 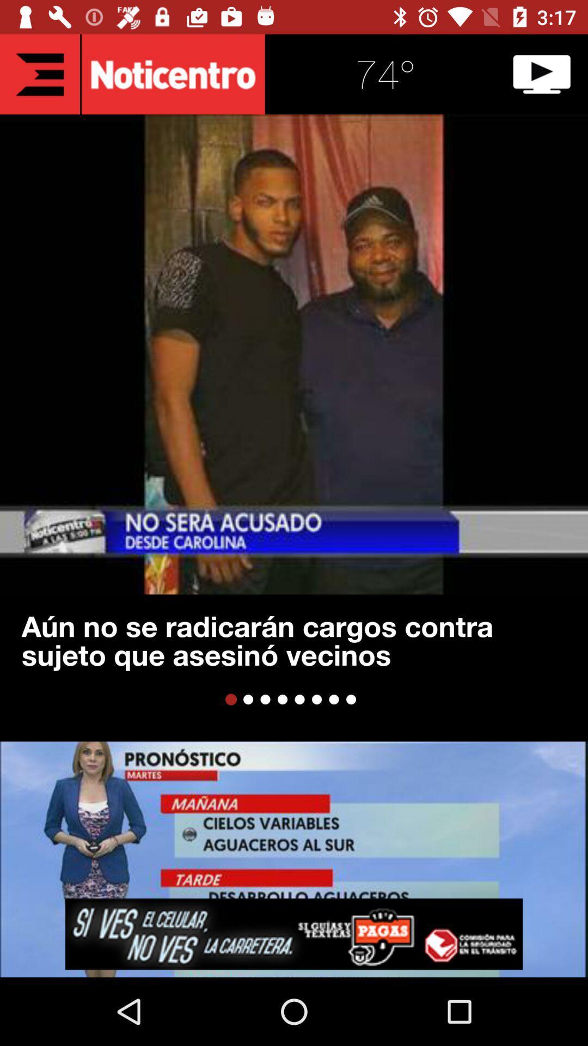 What do you see at coordinates (294, 933) in the screenshot?
I see `open advertisement` at bounding box center [294, 933].